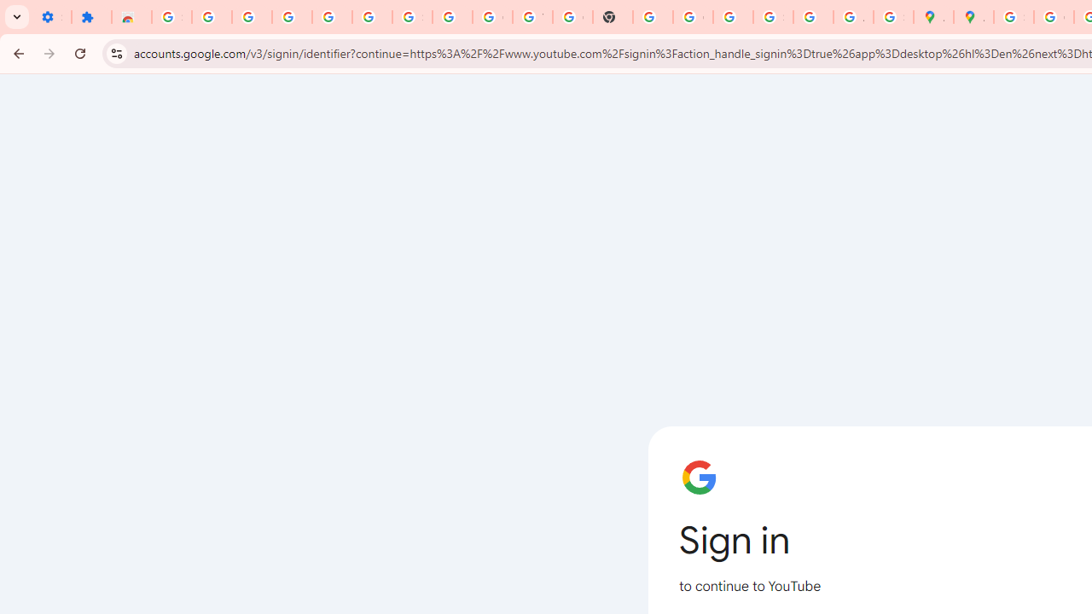  Describe the element at coordinates (613, 17) in the screenshot. I see `'New Tab'` at that location.